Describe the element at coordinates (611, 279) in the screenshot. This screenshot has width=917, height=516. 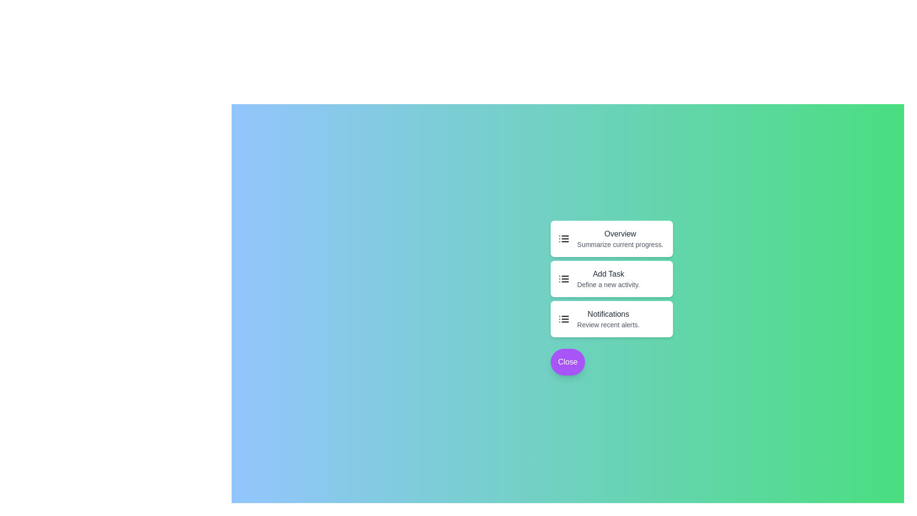
I see `the task item corresponding to Add Task` at that location.